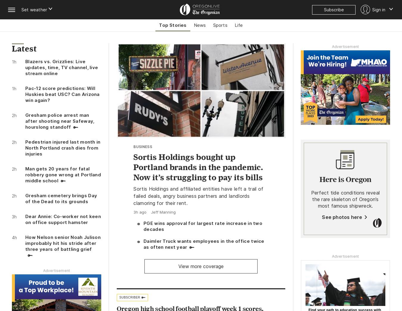 This screenshot has width=402, height=311. I want to click on 'Pac-12 score predictions: Will Huskies beat USC? Can Arizona win again?', so click(62, 94).